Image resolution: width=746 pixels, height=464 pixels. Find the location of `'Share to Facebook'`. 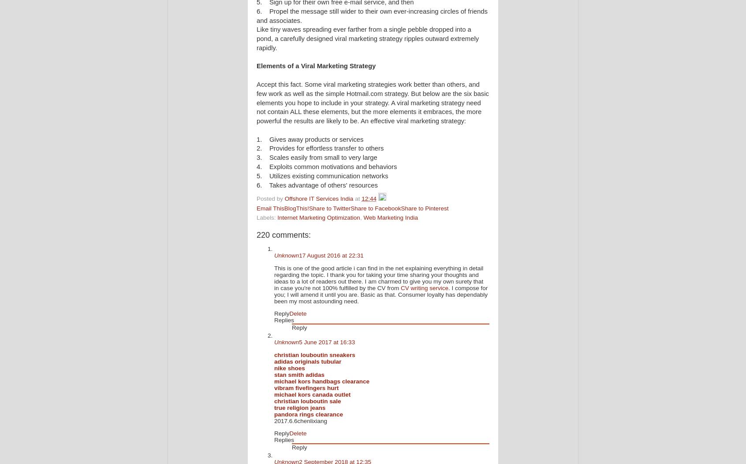

'Share to Facebook' is located at coordinates (375, 208).